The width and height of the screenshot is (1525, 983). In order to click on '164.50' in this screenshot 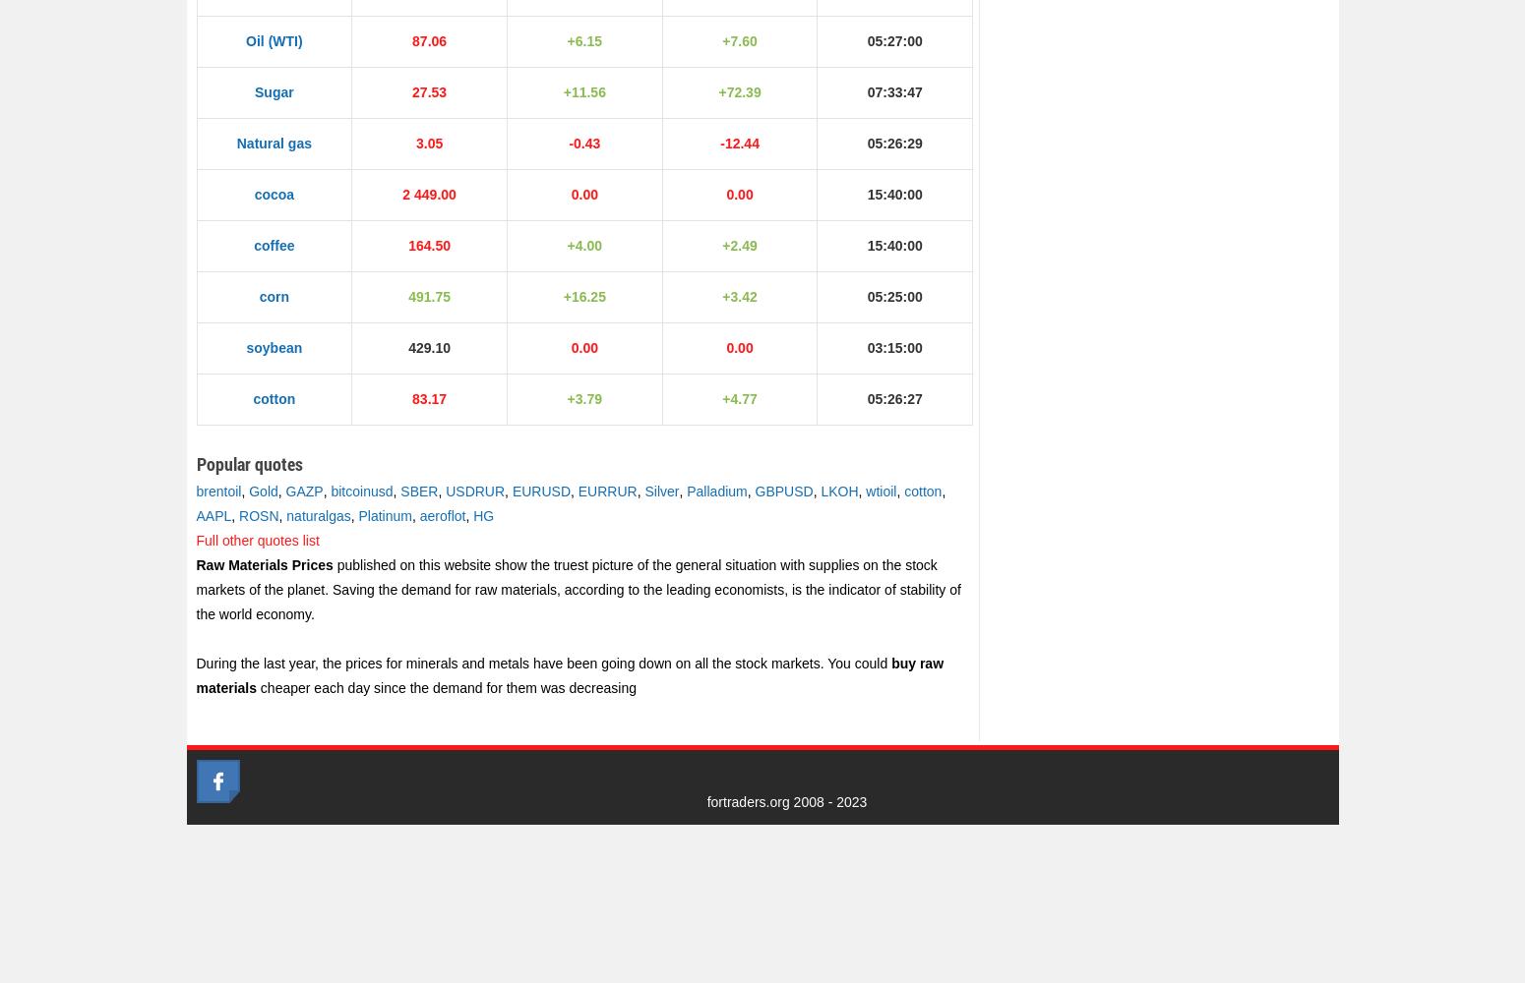, I will do `click(429, 246)`.